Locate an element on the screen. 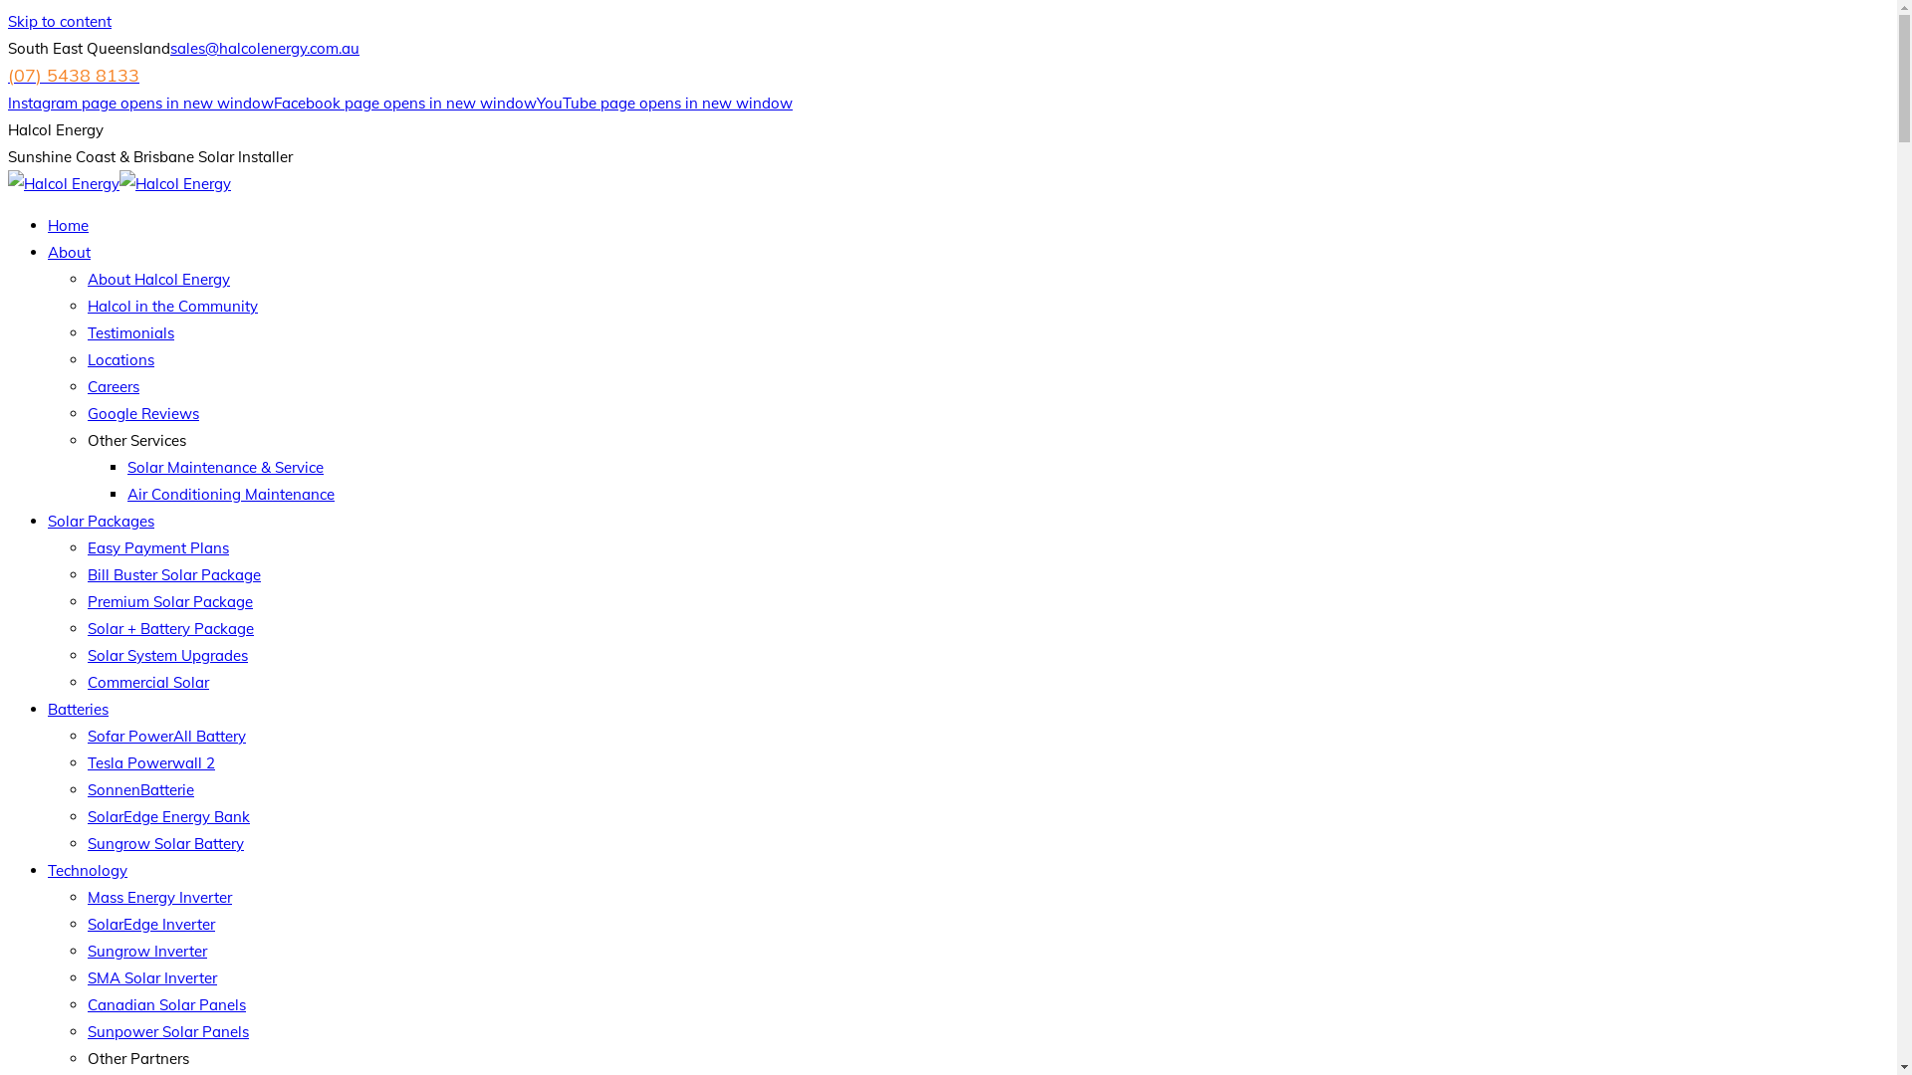  'Commercial Solar' is located at coordinates (146, 681).